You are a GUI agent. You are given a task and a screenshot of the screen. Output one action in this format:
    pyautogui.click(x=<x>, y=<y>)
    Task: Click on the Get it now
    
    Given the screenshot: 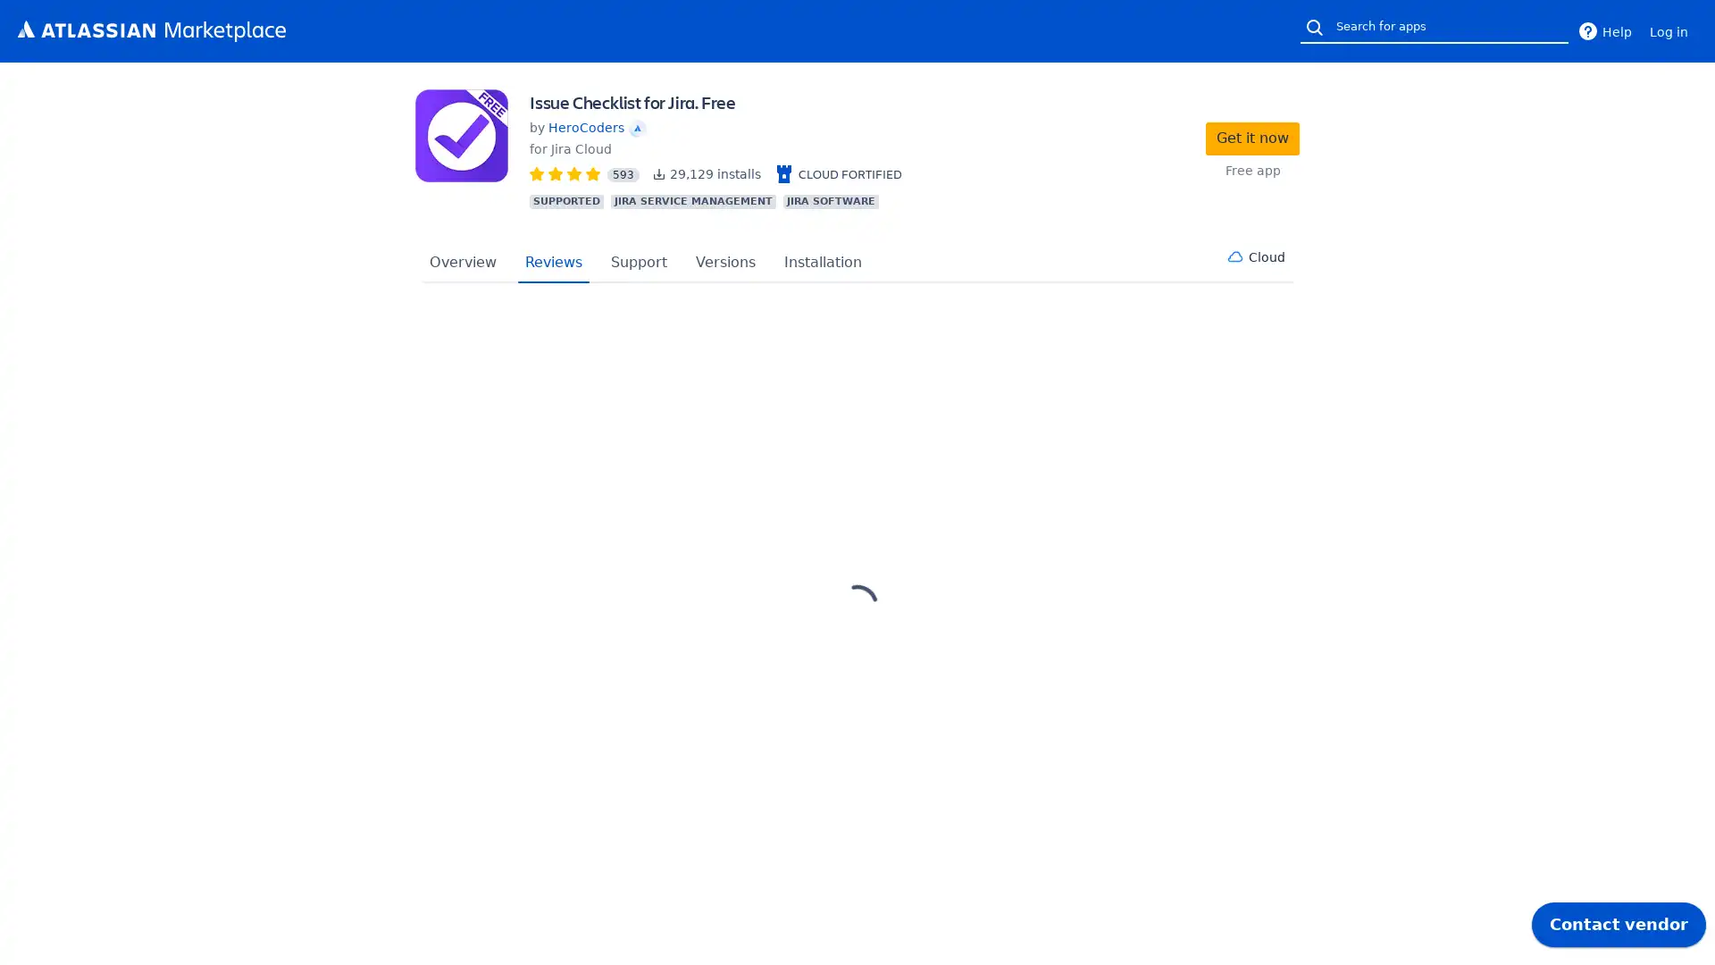 What is the action you would take?
    pyautogui.click(x=1251, y=137)
    